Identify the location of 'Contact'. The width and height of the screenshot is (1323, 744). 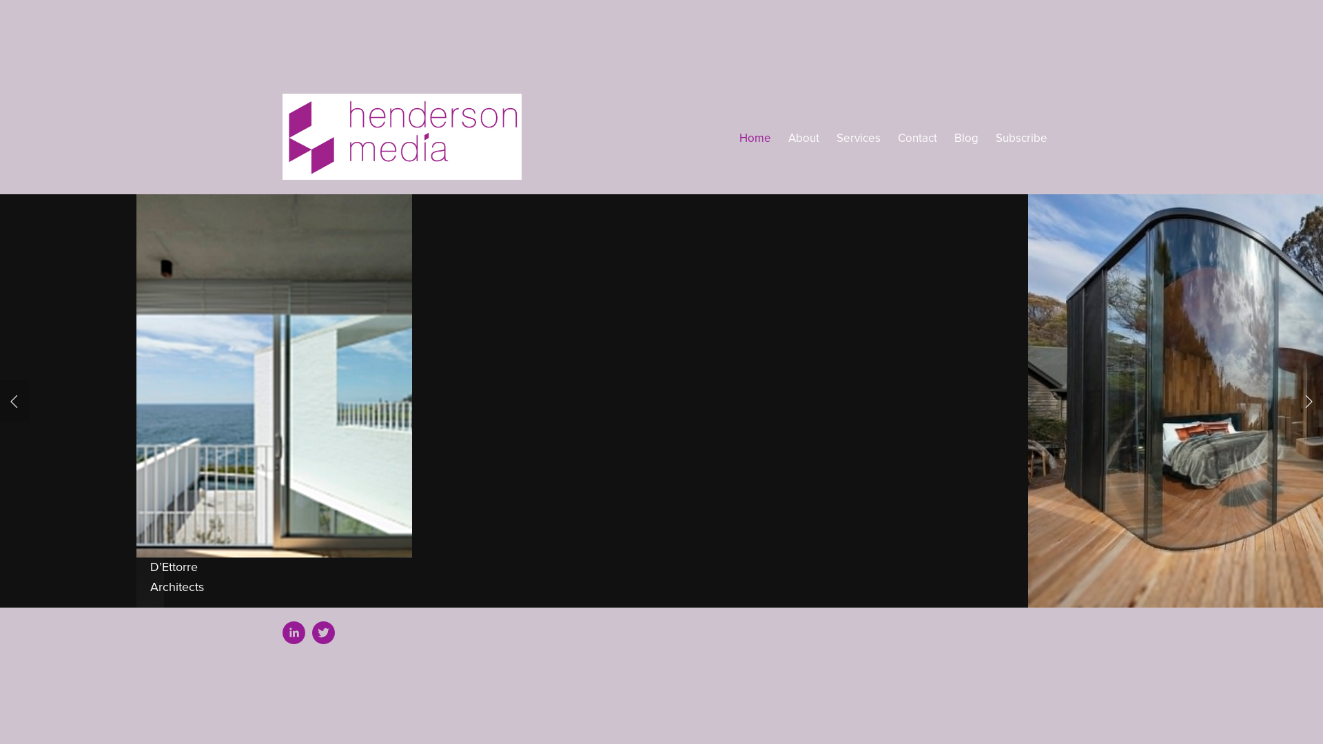
(917, 138).